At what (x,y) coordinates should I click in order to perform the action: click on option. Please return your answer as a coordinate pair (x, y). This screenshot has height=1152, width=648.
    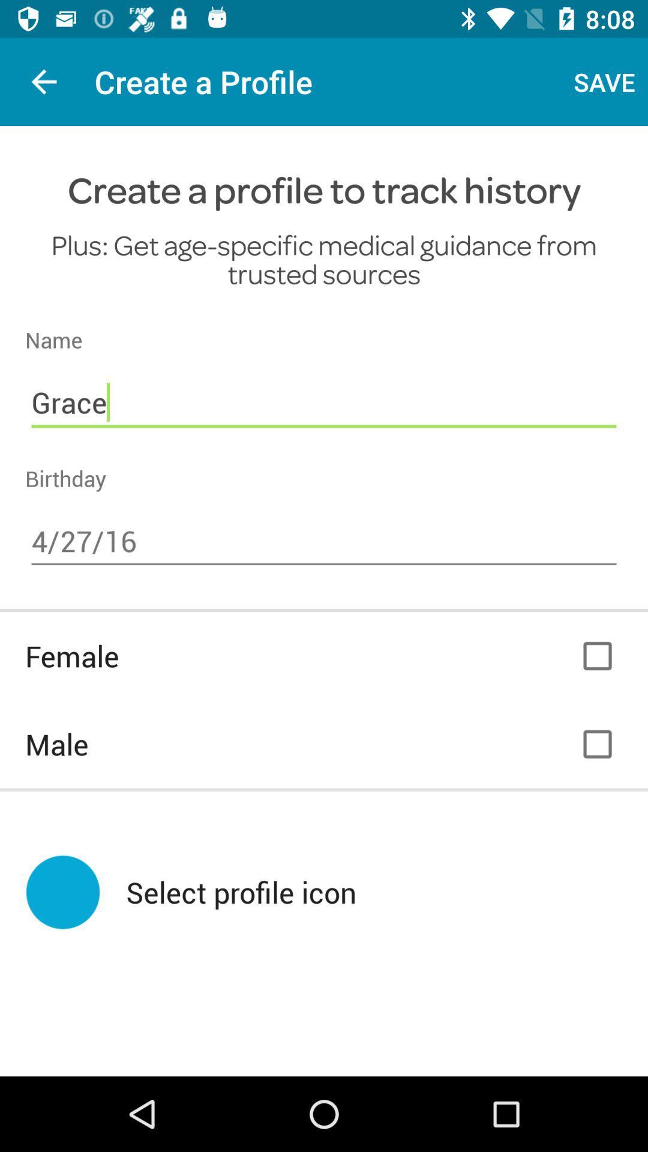
    Looking at the image, I should click on (597, 655).